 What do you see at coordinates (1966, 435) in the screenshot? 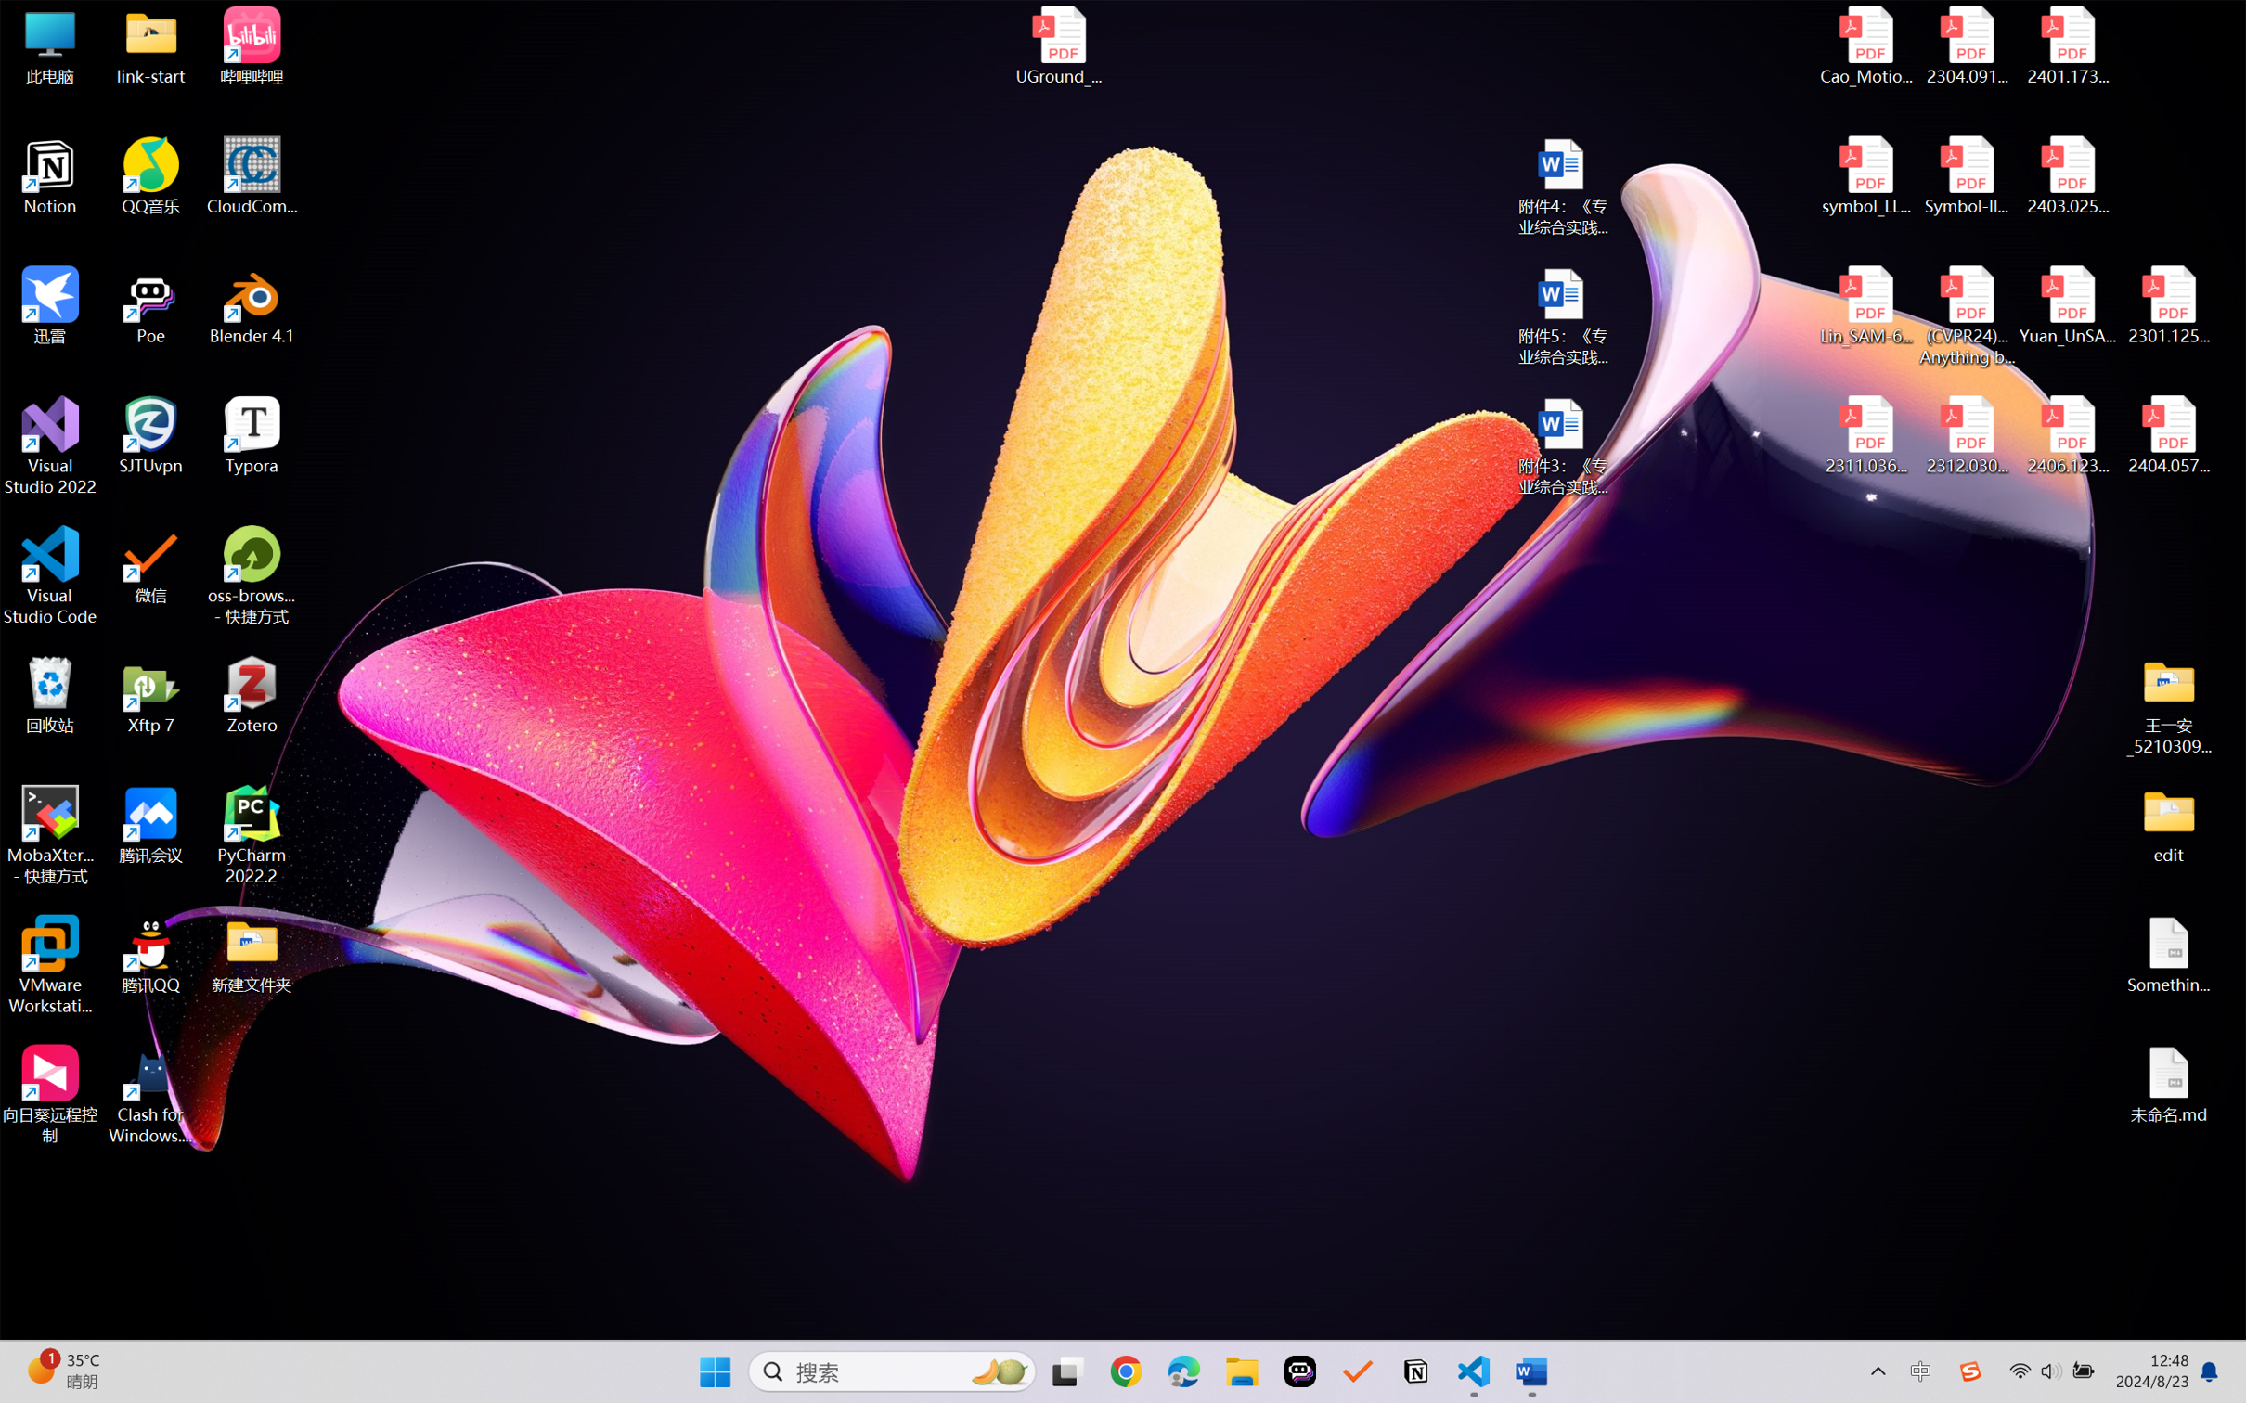
I see `'2312.03032v2.pdf'` at bounding box center [1966, 435].